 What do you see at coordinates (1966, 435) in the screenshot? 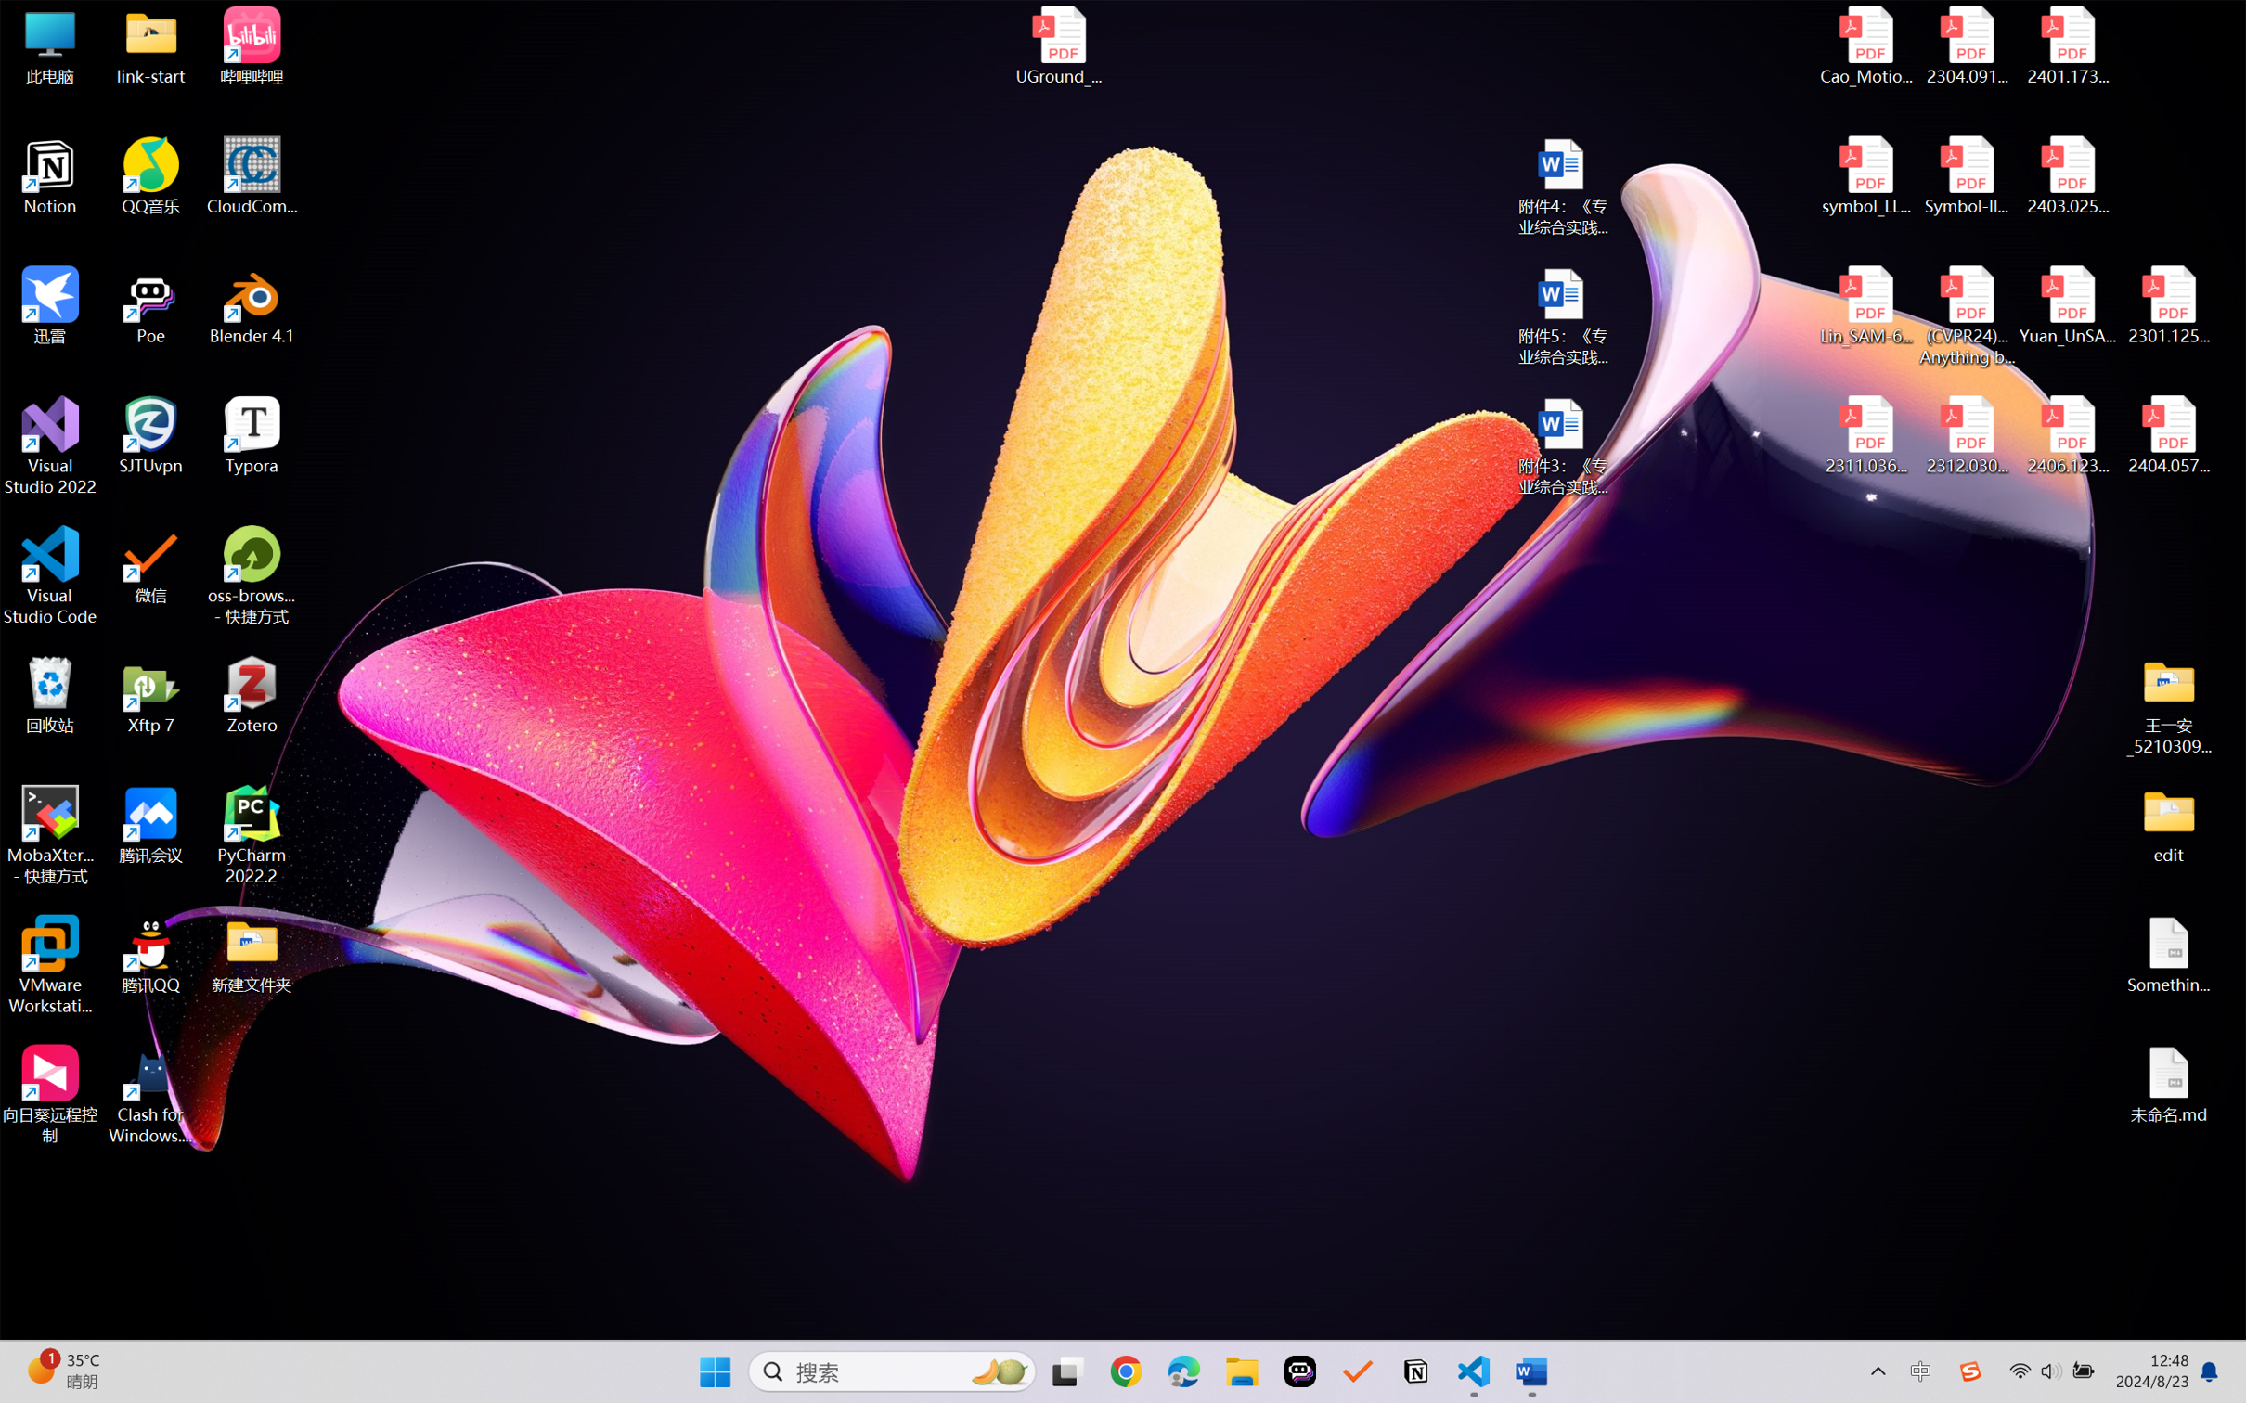
I see `'2312.03032v2.pdf'` at bounding box center [1966, 435].